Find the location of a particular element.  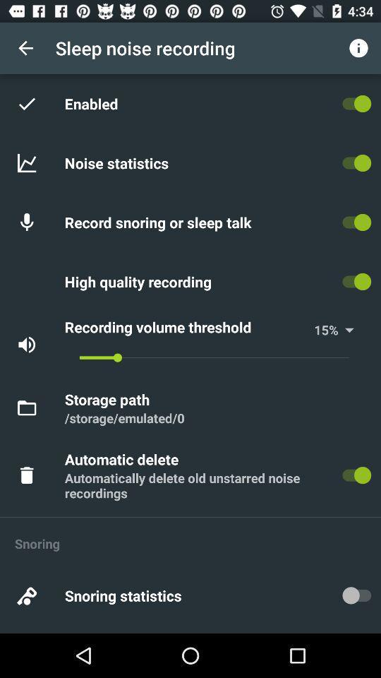

noise statistics is located at coordinates (118, 162).